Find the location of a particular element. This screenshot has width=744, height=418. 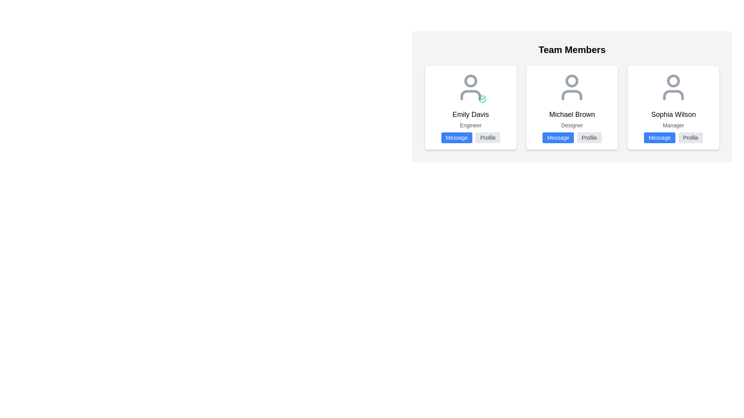

circular avatar icon representing user Michael Brown, located at the top-center of the card with a gray outline is located at coordinates (572, 87).